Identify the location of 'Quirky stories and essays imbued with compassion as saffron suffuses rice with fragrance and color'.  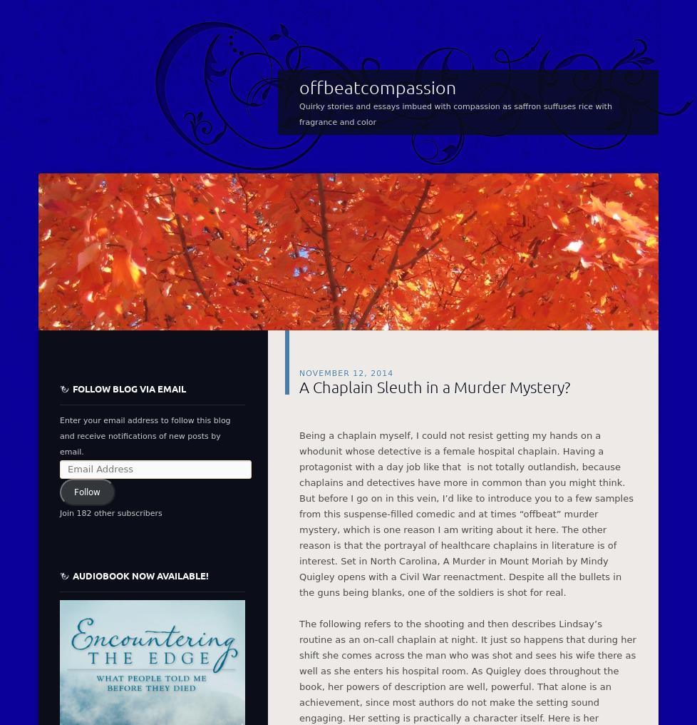
(455, 113).